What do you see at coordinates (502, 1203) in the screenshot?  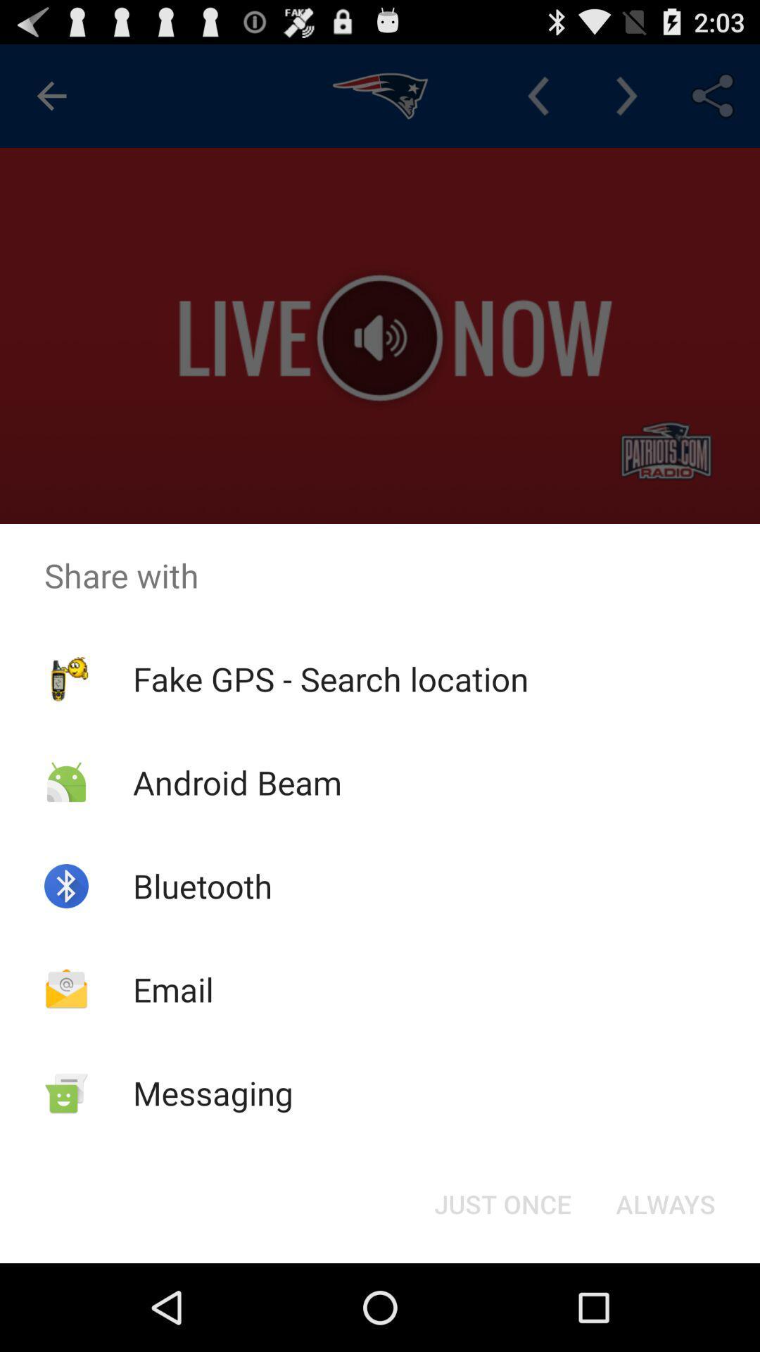 I see `icon below the fake gps search app` at bounding box center [502, 1203].